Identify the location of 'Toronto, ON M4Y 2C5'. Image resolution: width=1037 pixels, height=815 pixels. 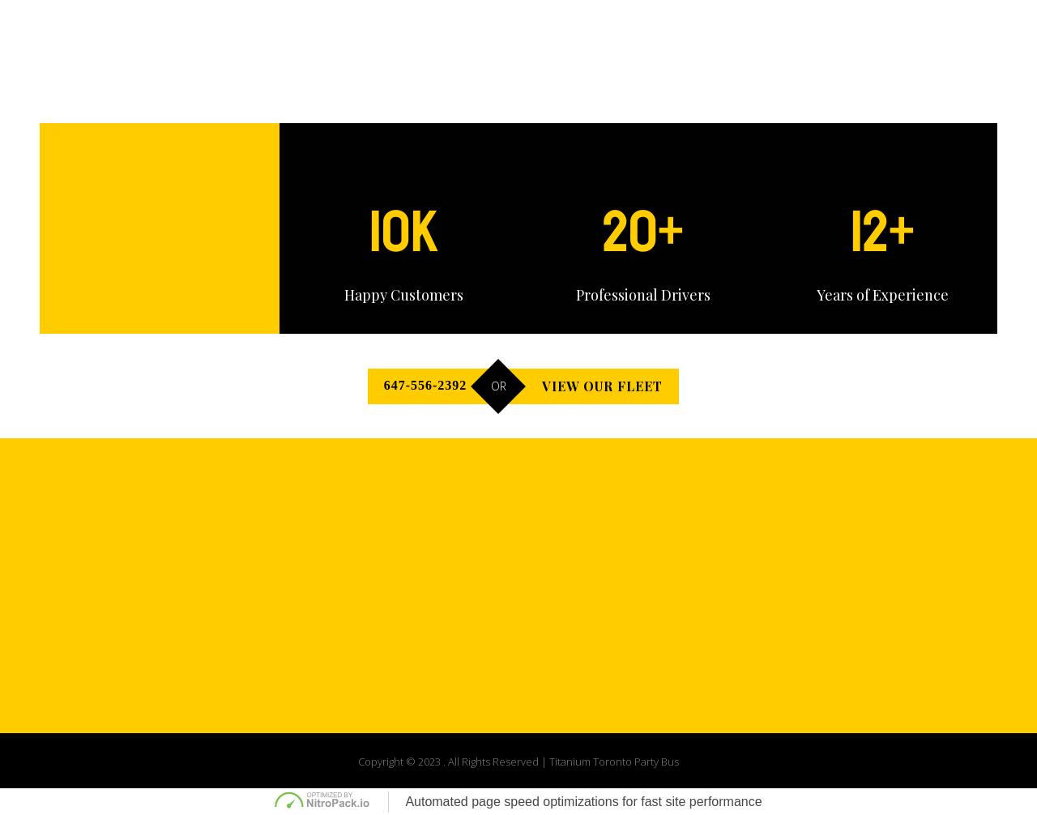
(447, 563).